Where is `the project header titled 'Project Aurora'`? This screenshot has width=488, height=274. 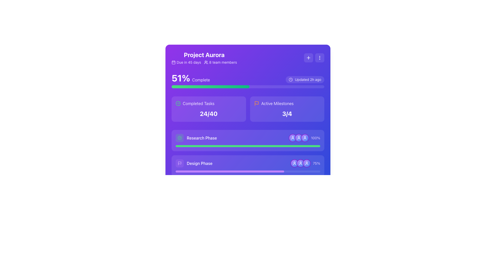
the project header titled 'Project Aurora' is located at coordinates (204, 57).